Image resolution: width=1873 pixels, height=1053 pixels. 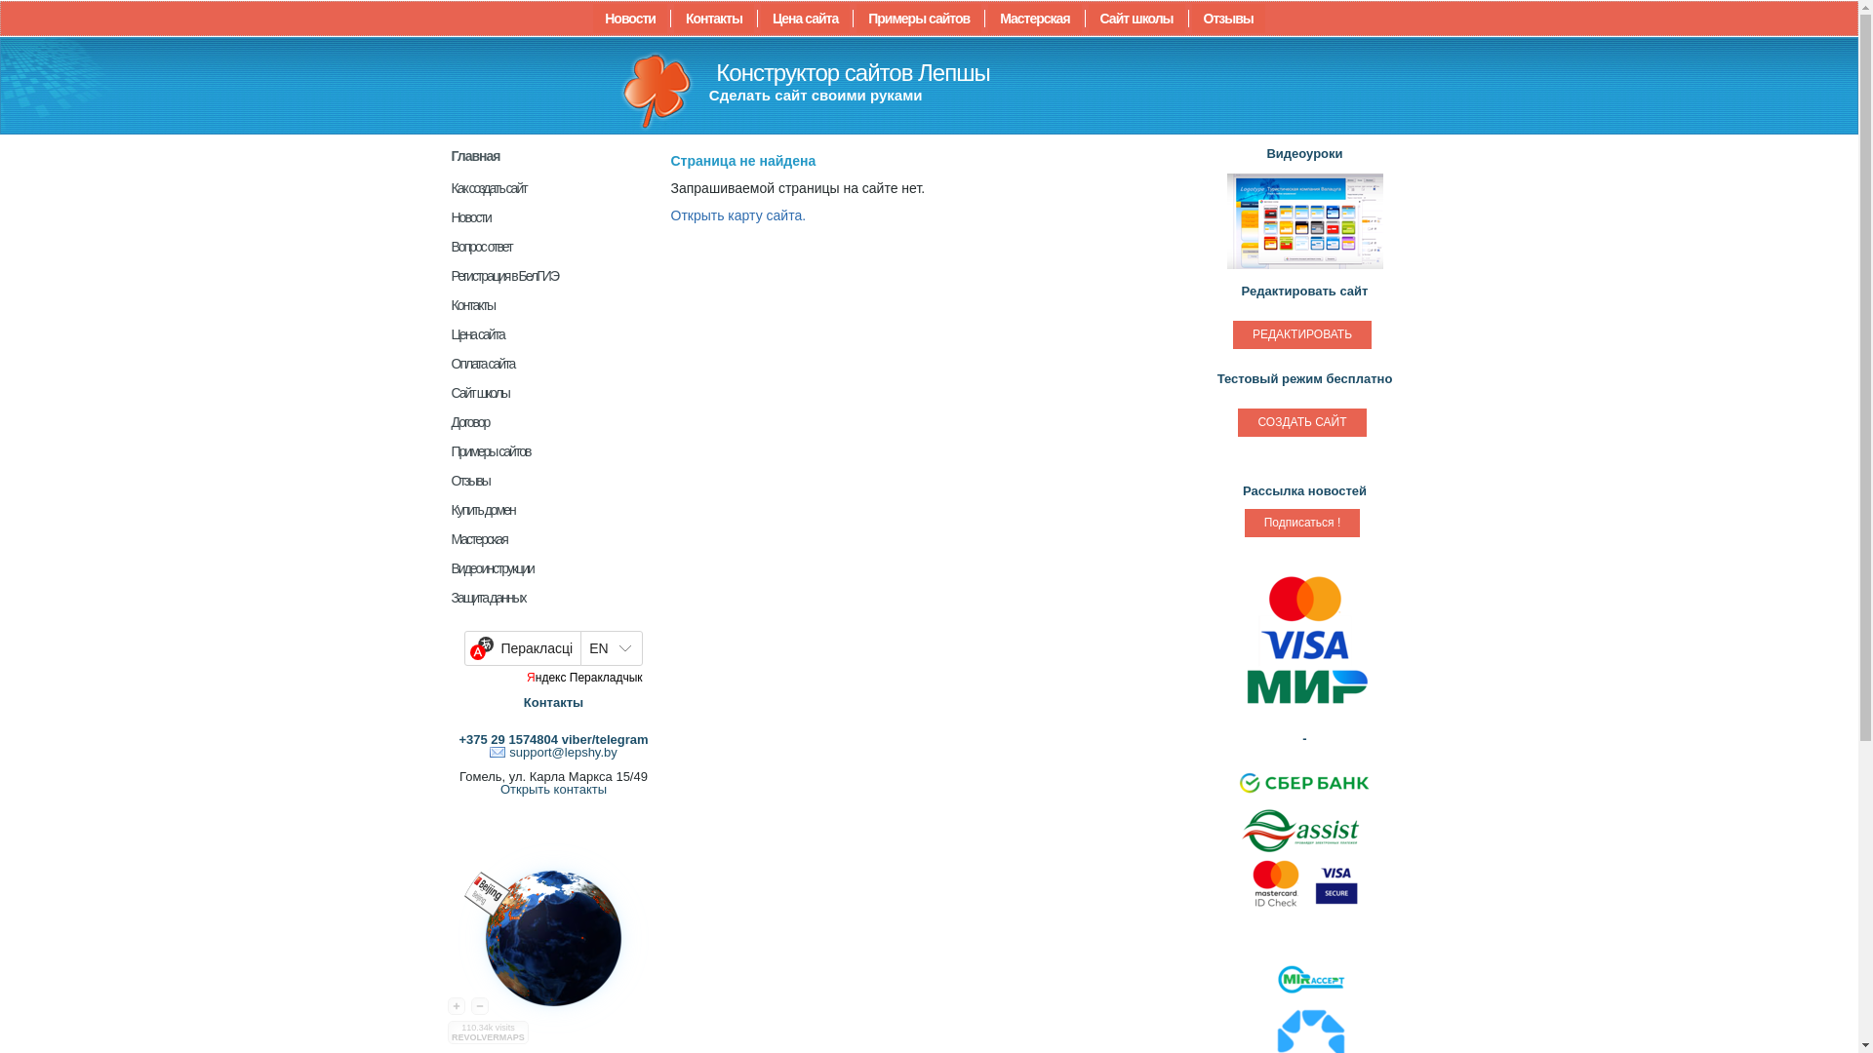 I want to click on 'support@lepshy.by', so click(x=552, y=751).